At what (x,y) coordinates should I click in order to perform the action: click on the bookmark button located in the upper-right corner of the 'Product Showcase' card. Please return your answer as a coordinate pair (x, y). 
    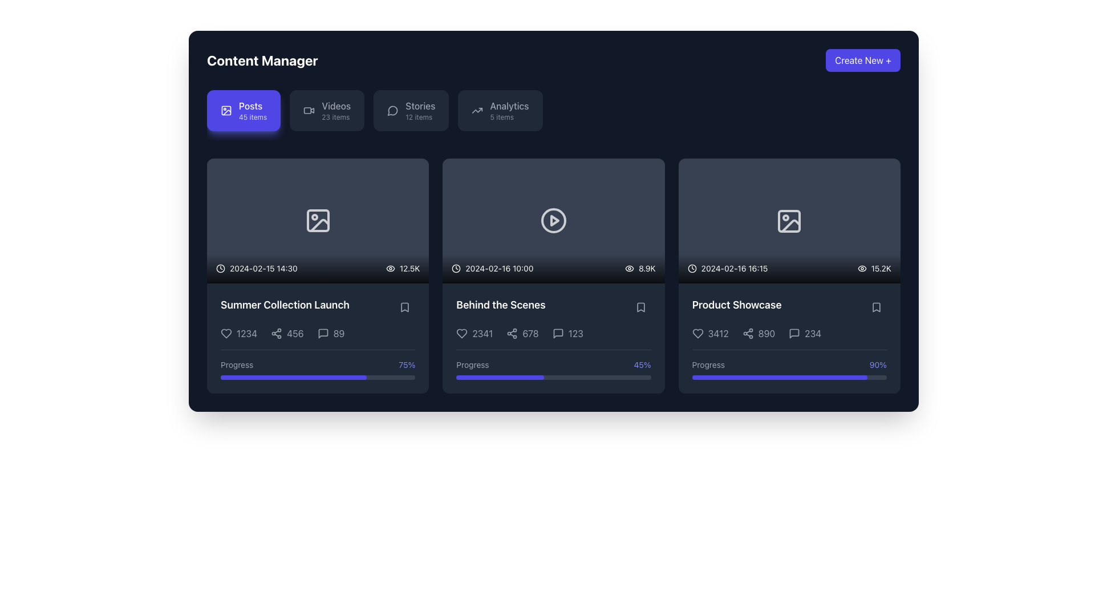
    Looking at the image, I should click on (875, 307).